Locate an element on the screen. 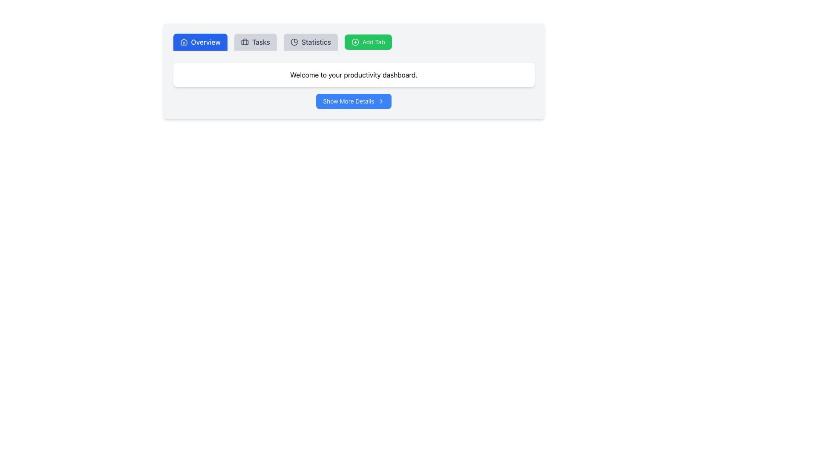  the navigational text label indicating 'Statistics', located in the header area of the interface, between 'Tasks' and the 'Add Tab' button is located at coordinates (316, 42).